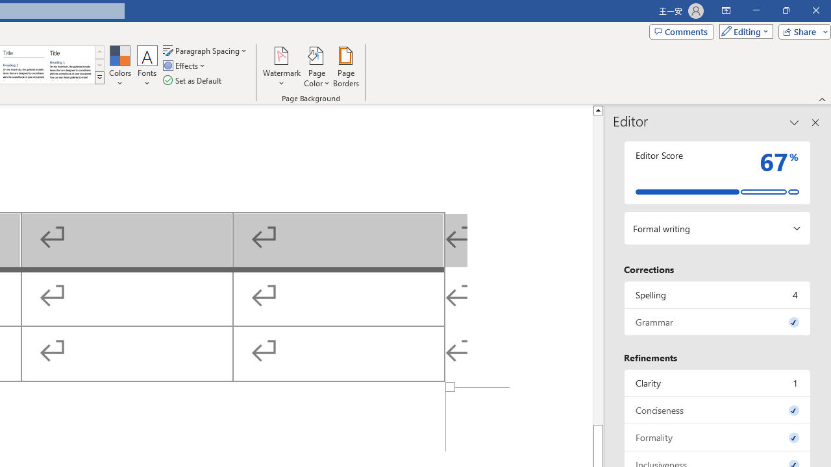 This screenshot has width=831, height=467. I want to click on 'Watermark', so click(281, 67).